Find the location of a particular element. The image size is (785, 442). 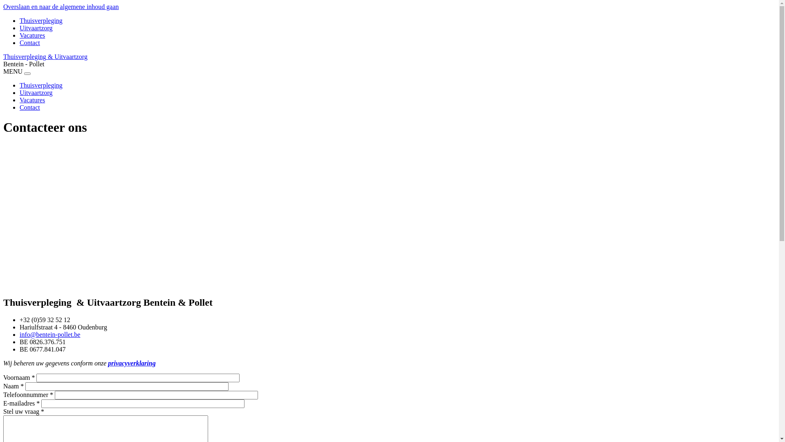

'Thuisverpleging & Uitvaartzorg' is located at coordinates (3, 56).